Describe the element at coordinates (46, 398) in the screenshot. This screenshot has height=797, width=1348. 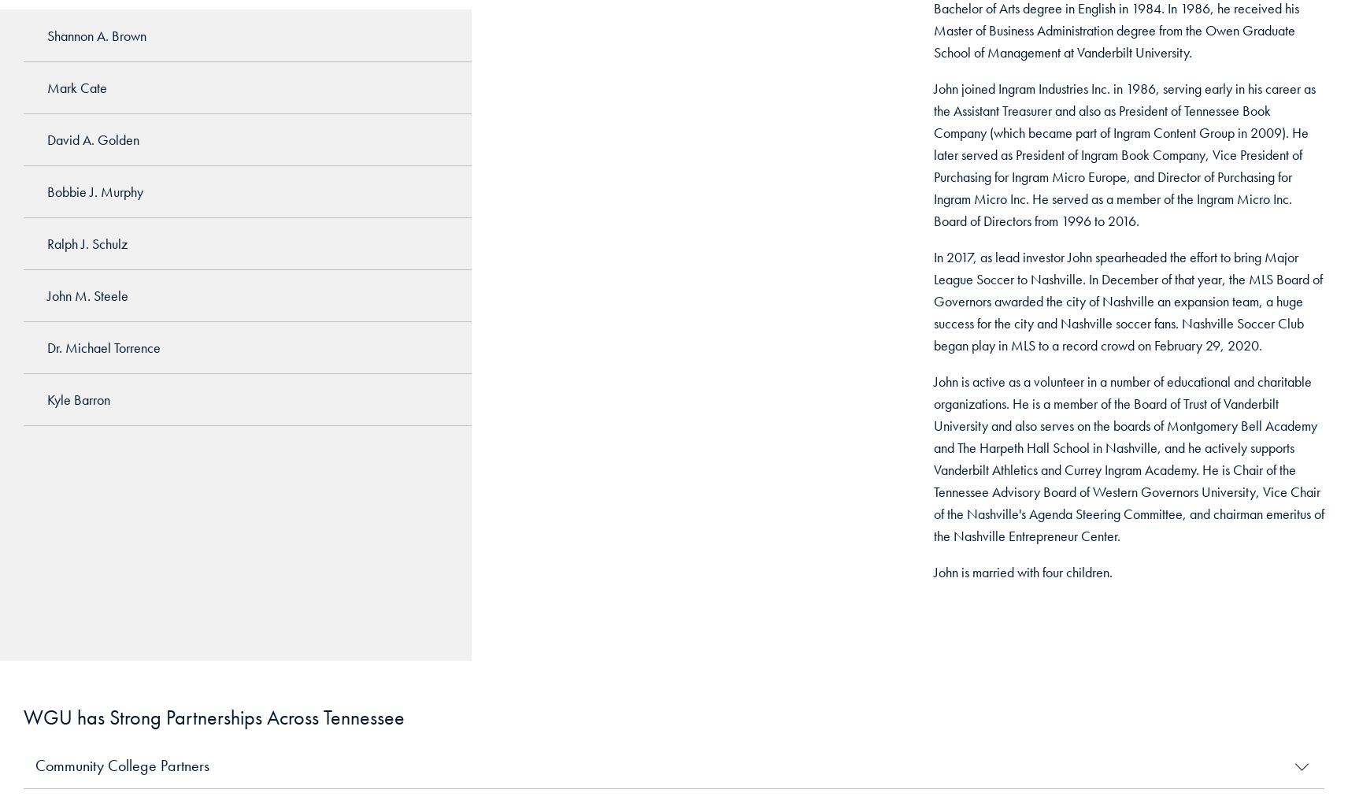
I see `'Kyle Barron'` at that location.